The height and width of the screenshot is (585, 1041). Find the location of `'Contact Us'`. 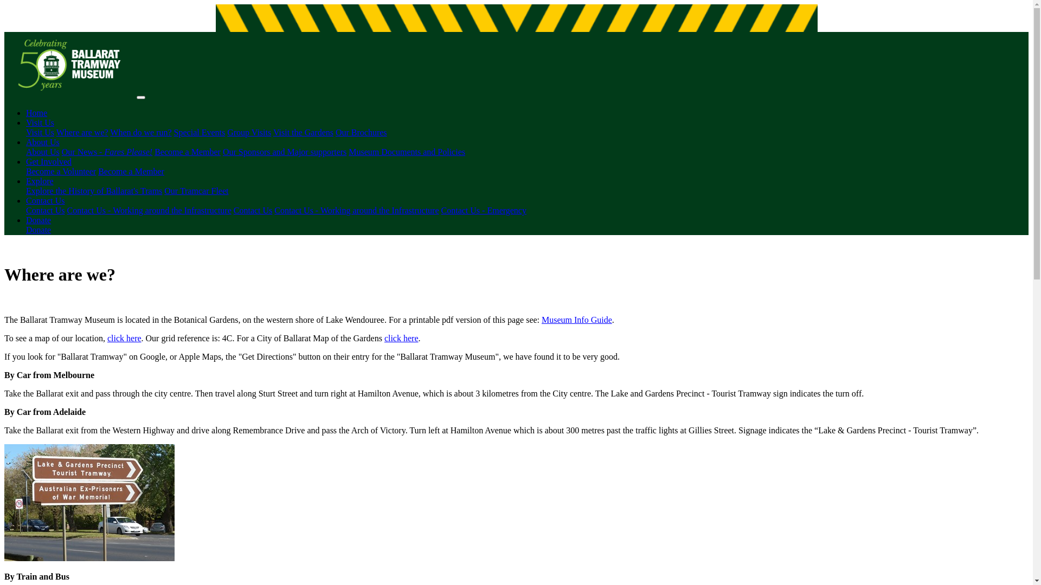

'Contact Us' is located at coordinates (44, 200).